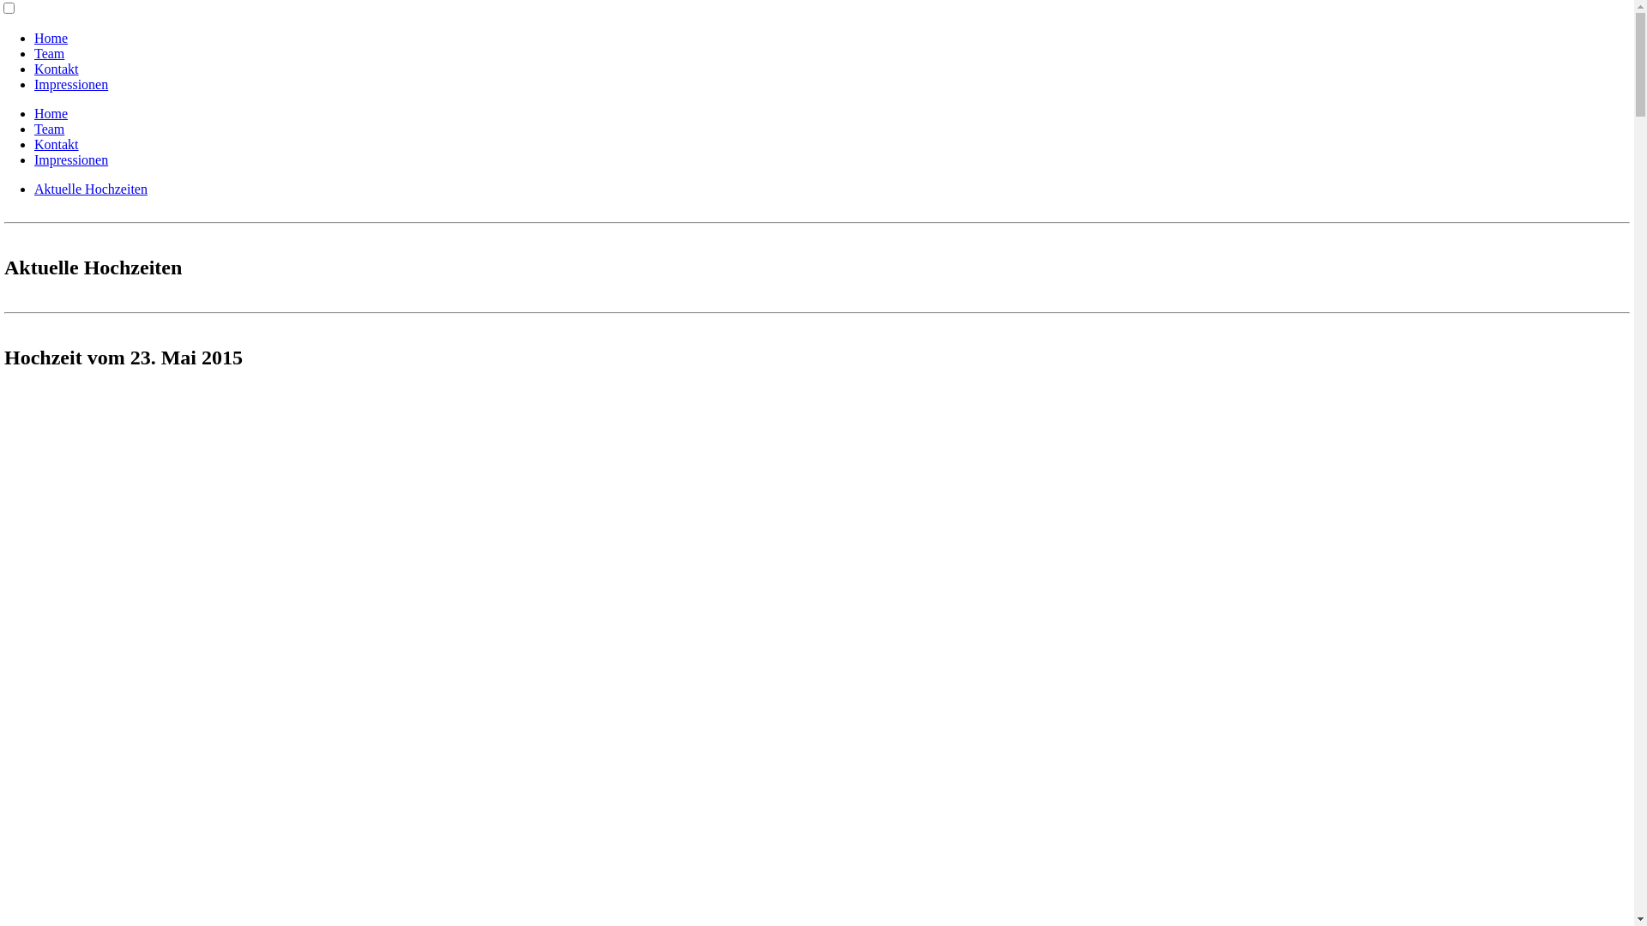  I want to click on 'Kontakt', so click(57, 143).